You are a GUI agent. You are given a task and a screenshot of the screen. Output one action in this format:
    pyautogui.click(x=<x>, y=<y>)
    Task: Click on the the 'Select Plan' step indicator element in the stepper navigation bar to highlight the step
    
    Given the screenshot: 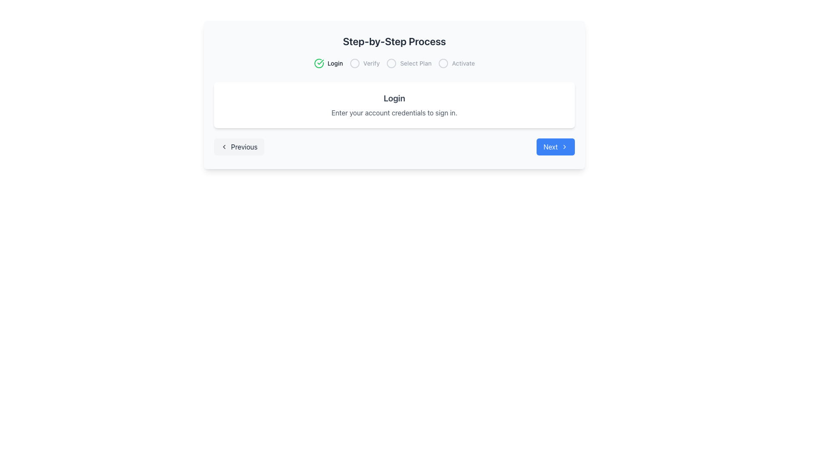 What is the action you would take?
    pyautogui.click(x=409, y=63)
    